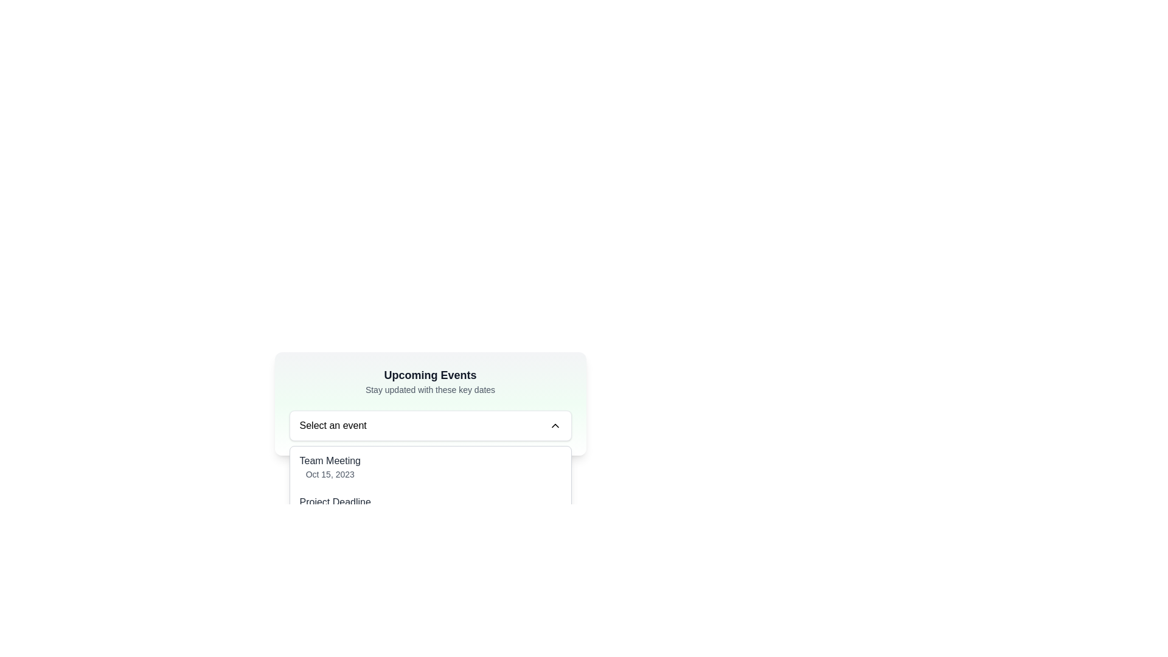 The width and height of the screenshot is (1168, 657). What do you see at coordinates (554, 425) in the screenshot?
I see `the arrow icon, which serves as an interactive toggle button to close the dropdown menu labeled 'Select an event'` at bounding box center [554, 425].